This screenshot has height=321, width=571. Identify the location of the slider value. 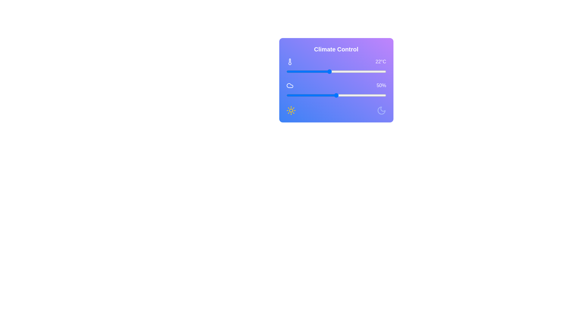
(331, 95).